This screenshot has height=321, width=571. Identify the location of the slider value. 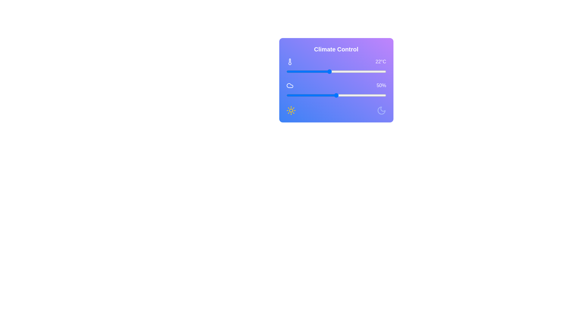
(331, 95).